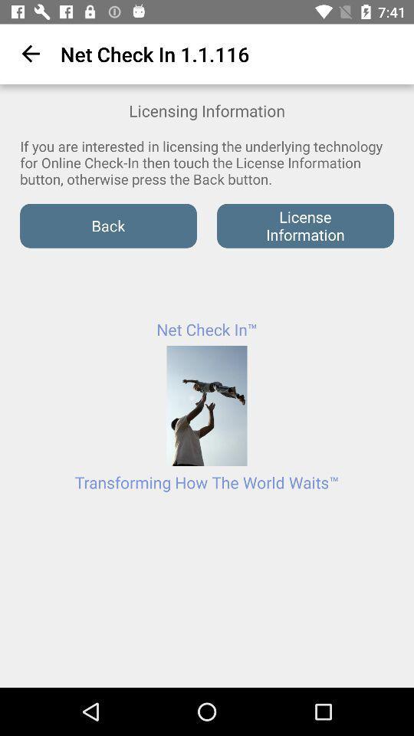  Describe the element at coordinates (28, 54) in the screenshot. I see `the app to the left of the net check in app` at that location.